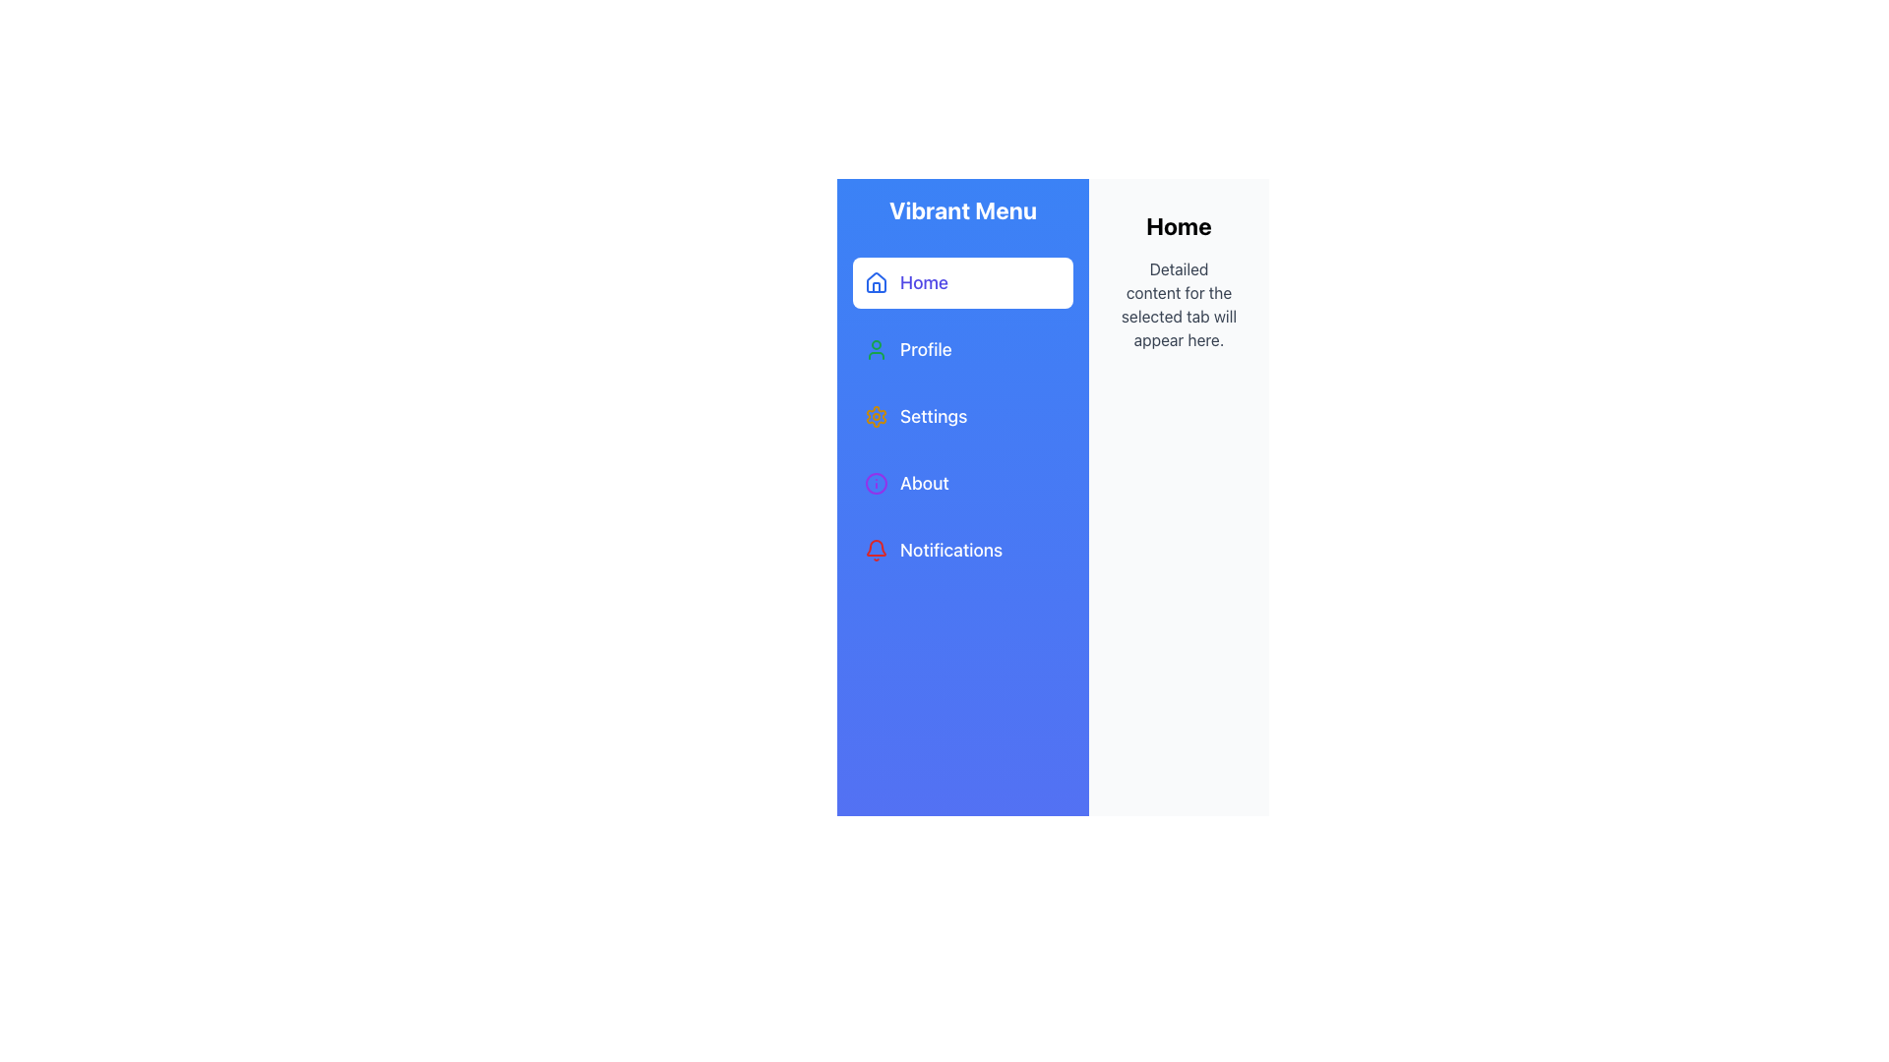 The width and height of the screenshot is (1889, 1062). What do you see at coordinates (923, 484) in the screenshot?
I see `the 'About' text label, which is the third option in the vertical menu, displayed in white against a blue background and aligned next to a purple information icon` at bounding box center [923, 484].